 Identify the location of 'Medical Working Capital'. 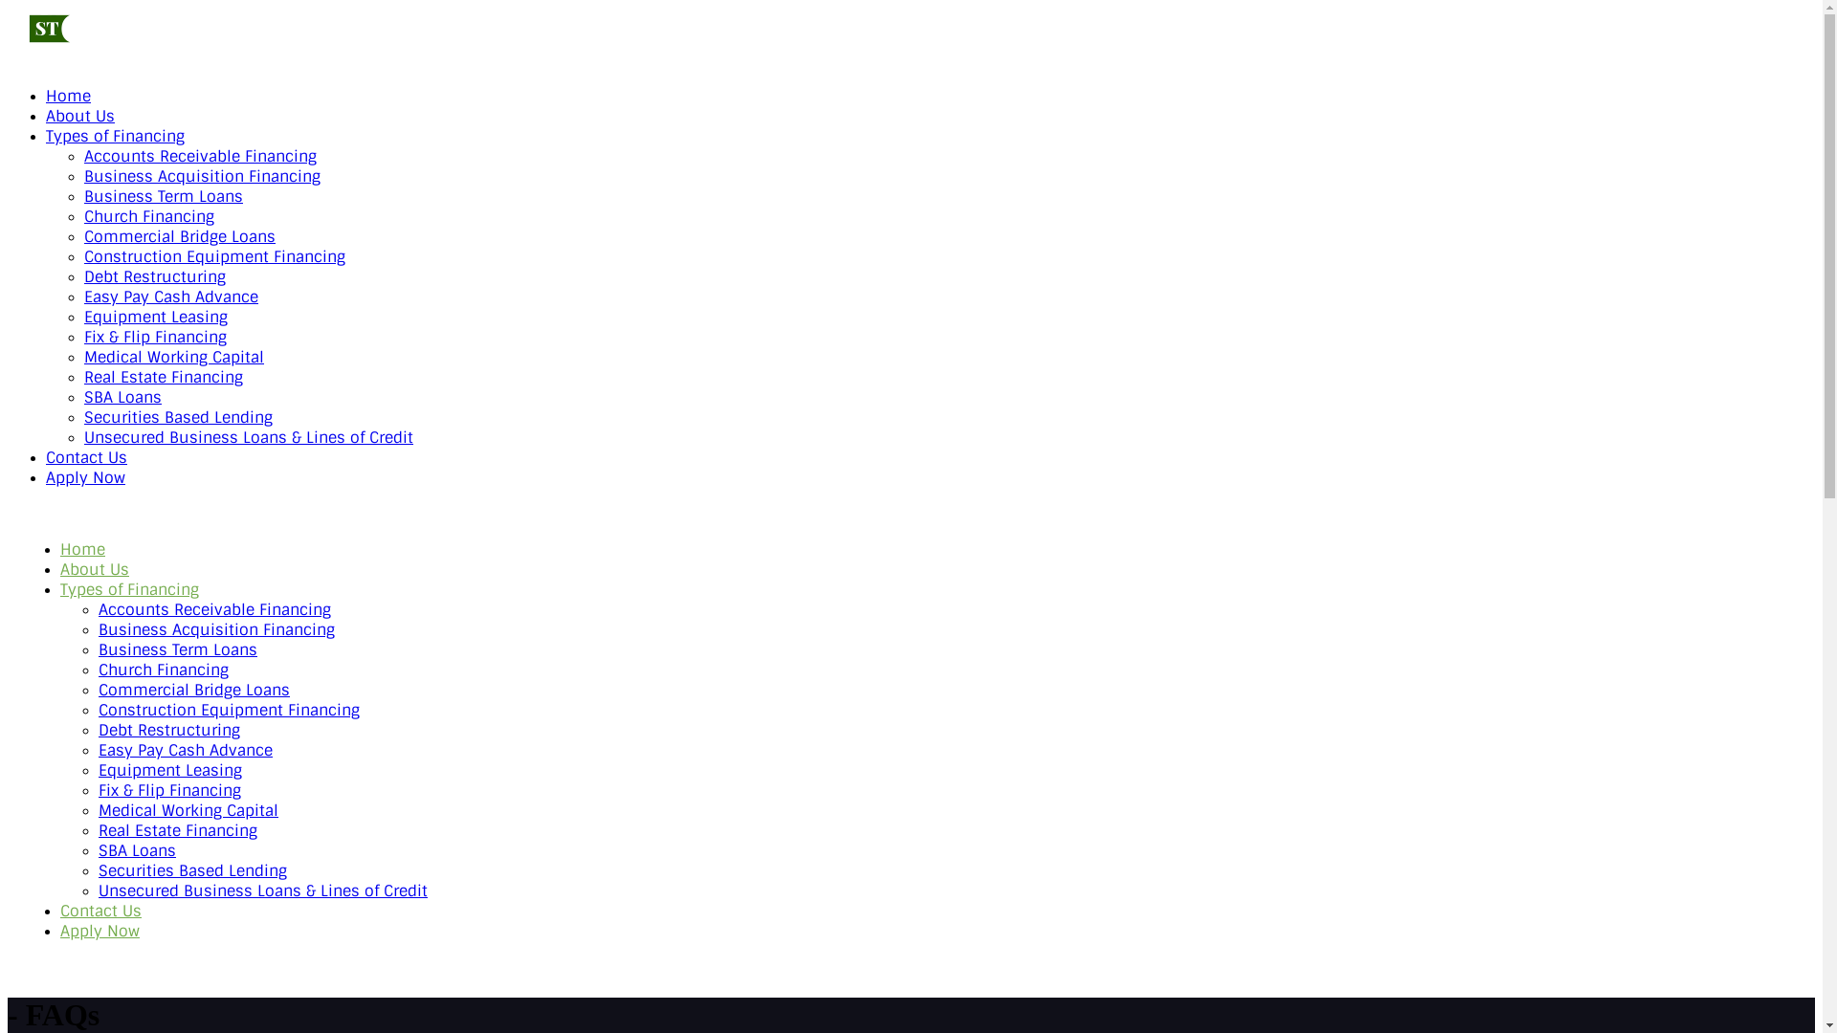
(97, 810).